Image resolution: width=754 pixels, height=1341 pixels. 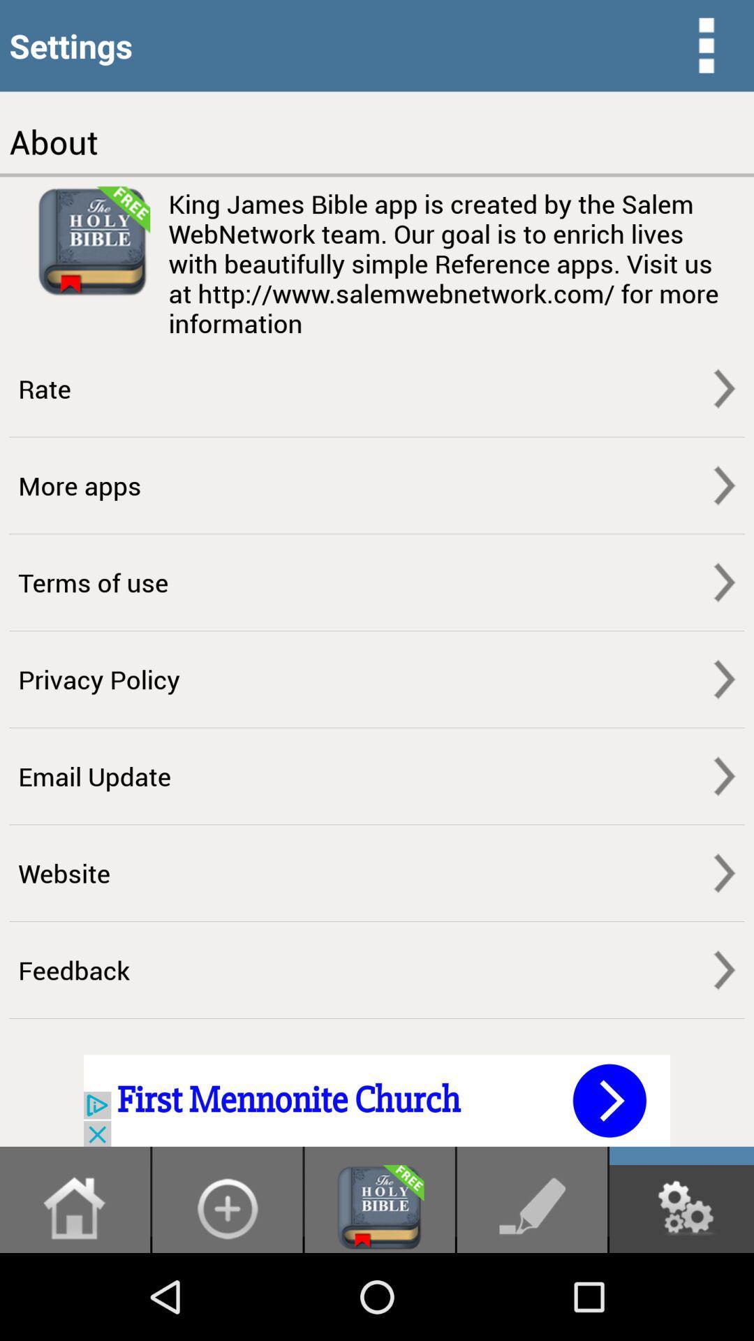 I want to click on the edit icon, so click(x=532, y=1293).